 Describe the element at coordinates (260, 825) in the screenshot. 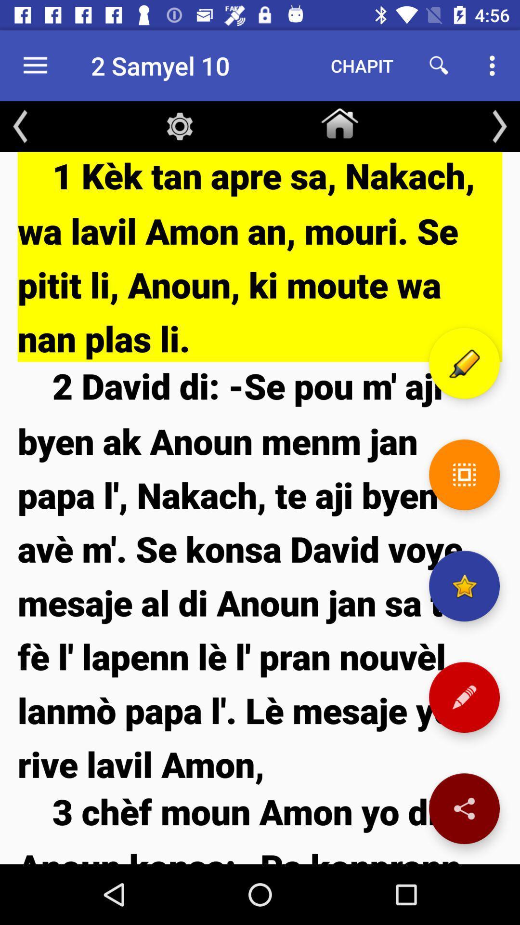

I see `the icon below 2 david di icon` at that location.